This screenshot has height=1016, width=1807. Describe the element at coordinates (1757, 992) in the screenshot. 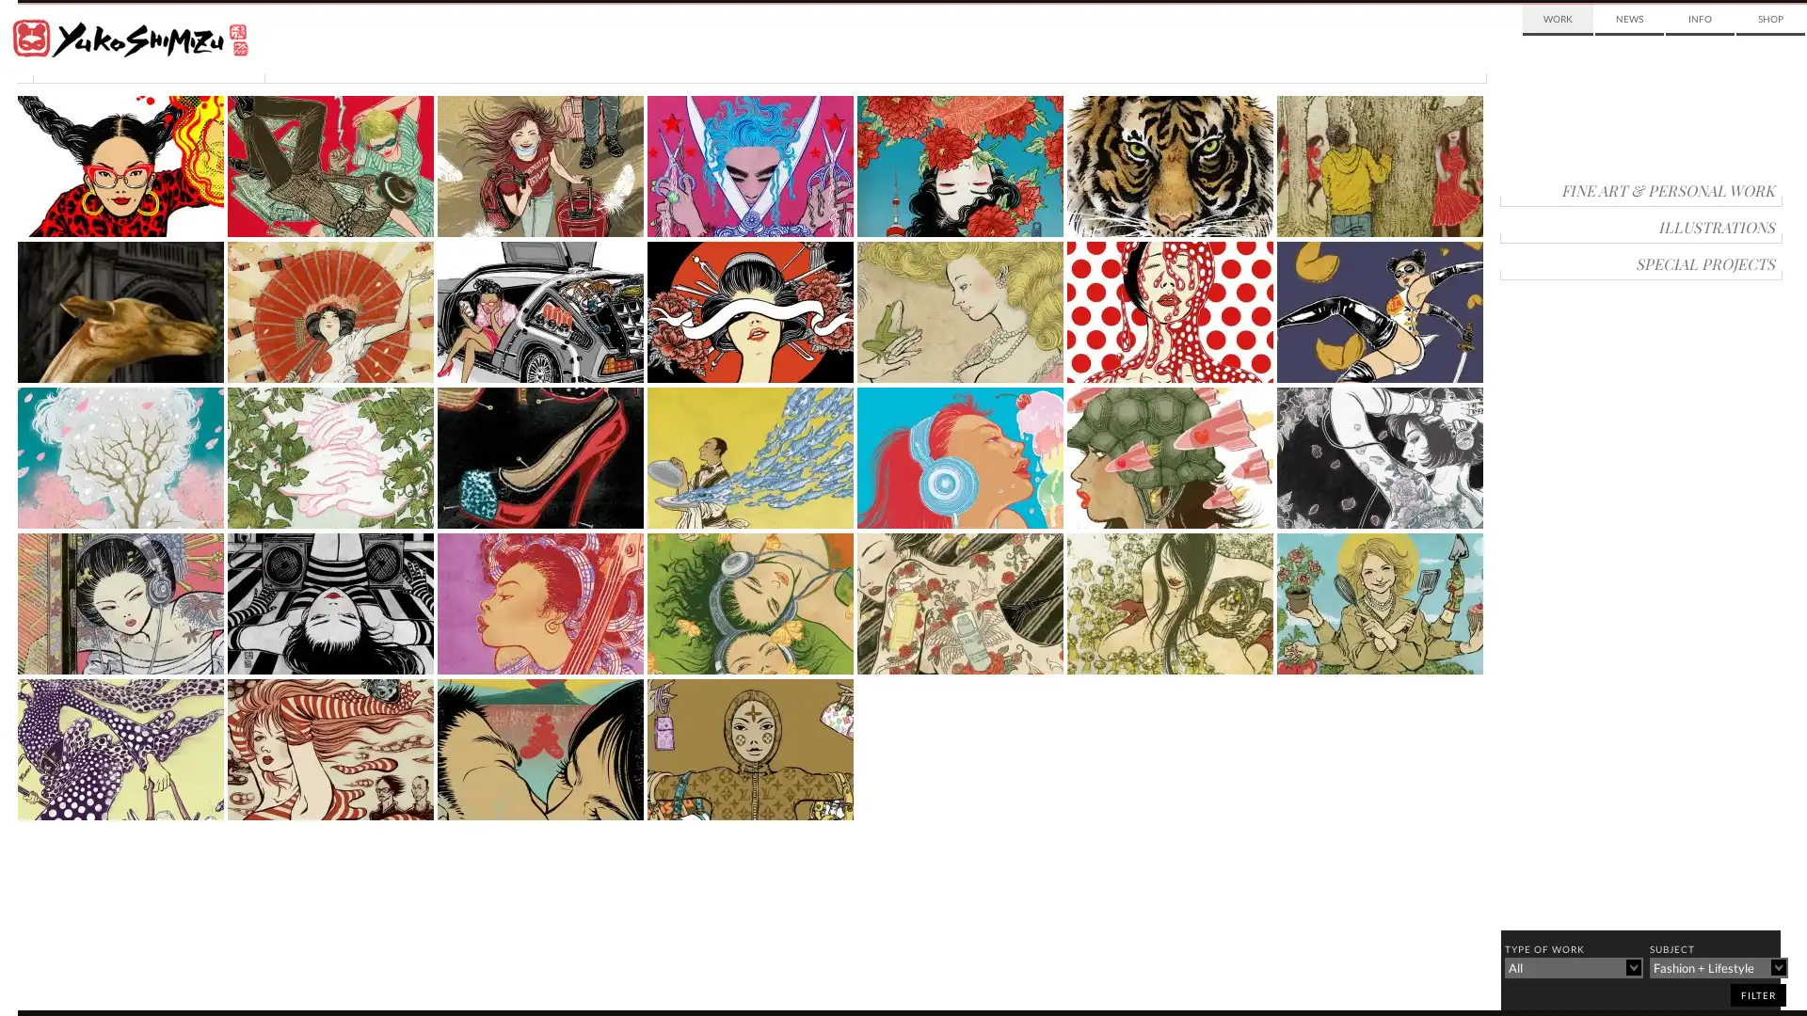

I see `filter` at that location.